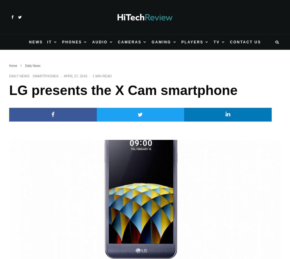  Describe the element at coordinates (179, 139) in the screenshot. I see `'Amazon debuts new Fire TV media player'` at that location.